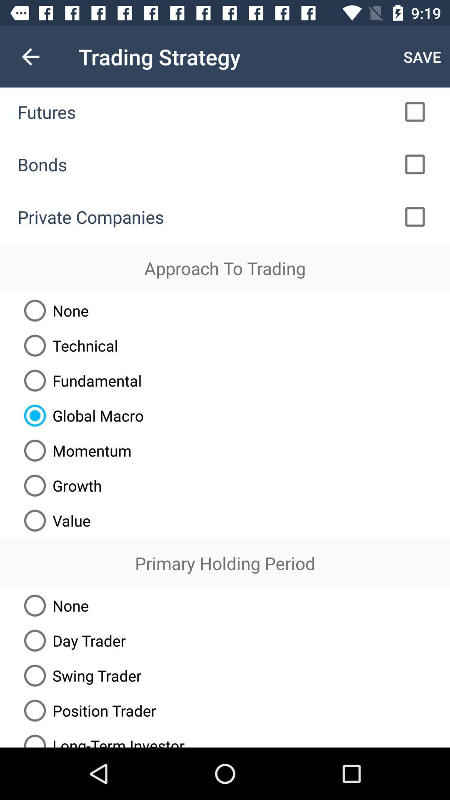 The image size is (450, 800). What do you see at coordinates (80, 415) in the screenshot?
I see `icon below fundamental radio button` at bounding box center [80, 415].